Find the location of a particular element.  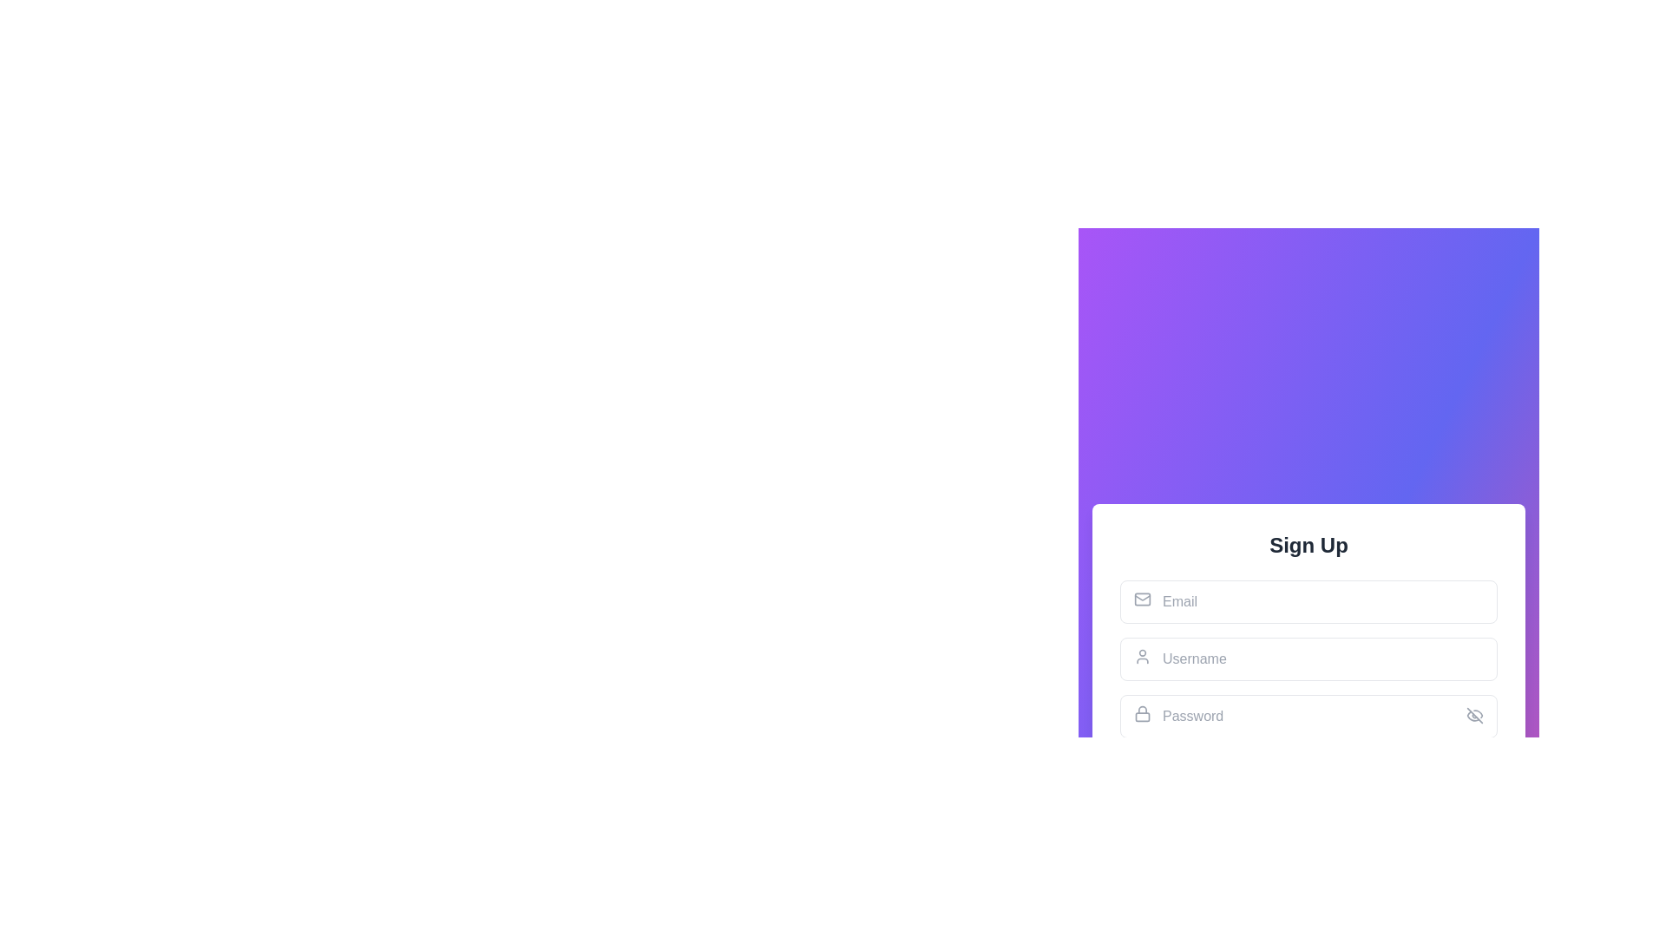

the small lock icon, which is positioned to the left of the 'Password' input field, featuring a minimalist outlined design in light gray is located at coordinates (1142, 713).